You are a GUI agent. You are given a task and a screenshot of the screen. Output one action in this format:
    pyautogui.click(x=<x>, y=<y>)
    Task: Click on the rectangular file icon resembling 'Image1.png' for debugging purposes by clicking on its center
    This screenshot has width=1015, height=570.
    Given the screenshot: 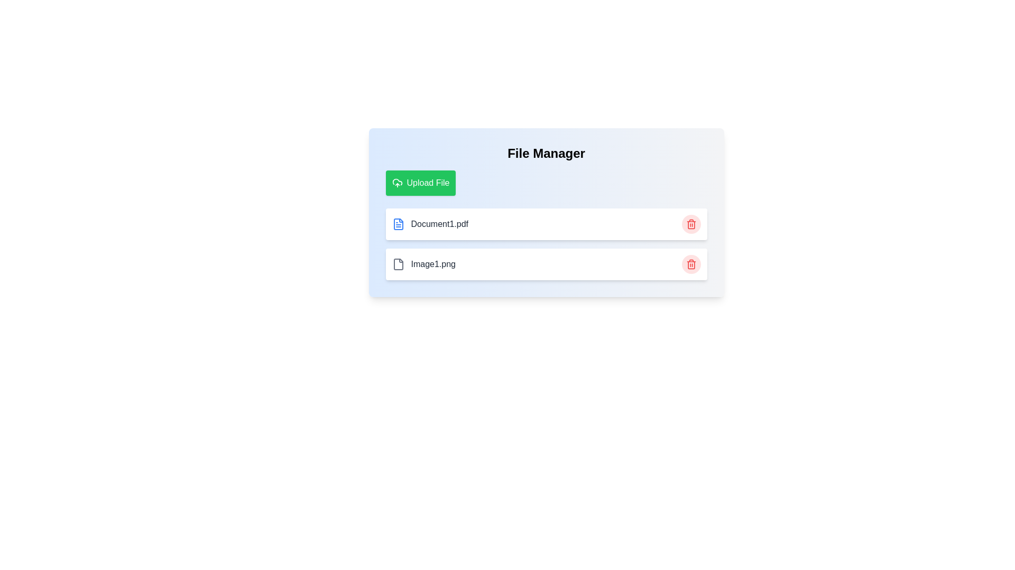 What is the action you would take?
    pyautogui.click(x=398, y=264)
    